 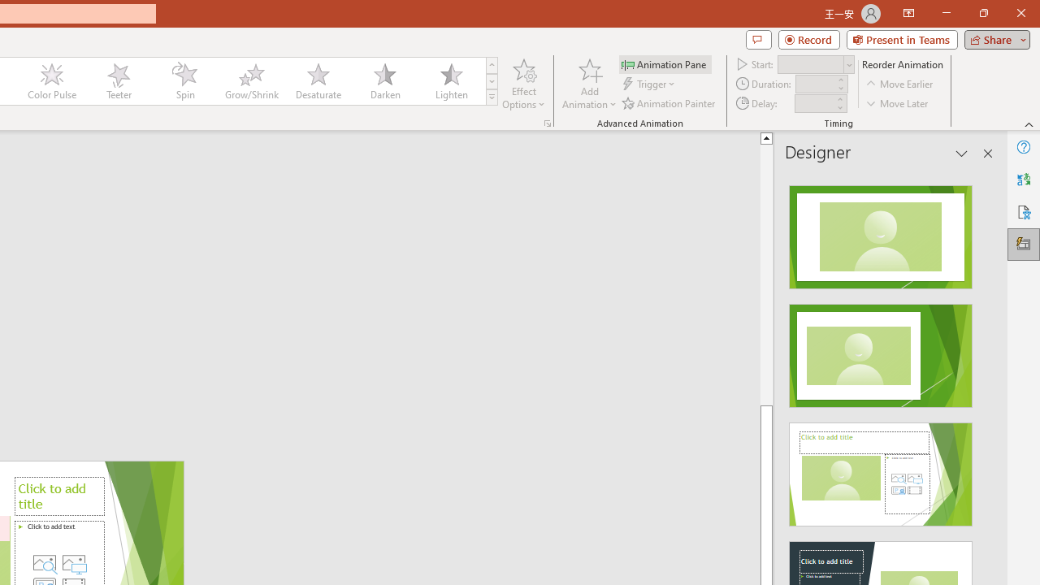 I want to click on 'Trigger', so click(x=650, y=84).